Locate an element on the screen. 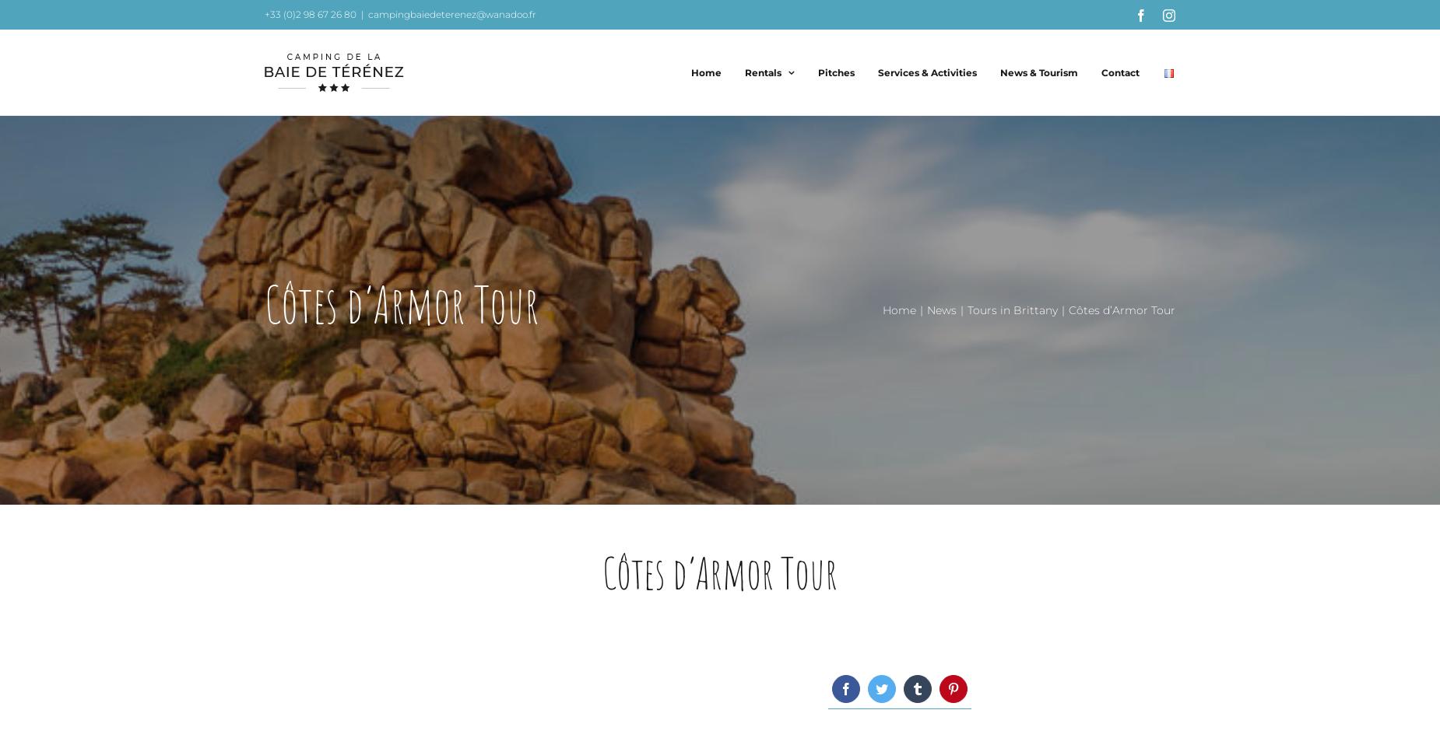 This screenshot has width=1440, height=738. 'Contact' is located at coordinates (1120, 72).